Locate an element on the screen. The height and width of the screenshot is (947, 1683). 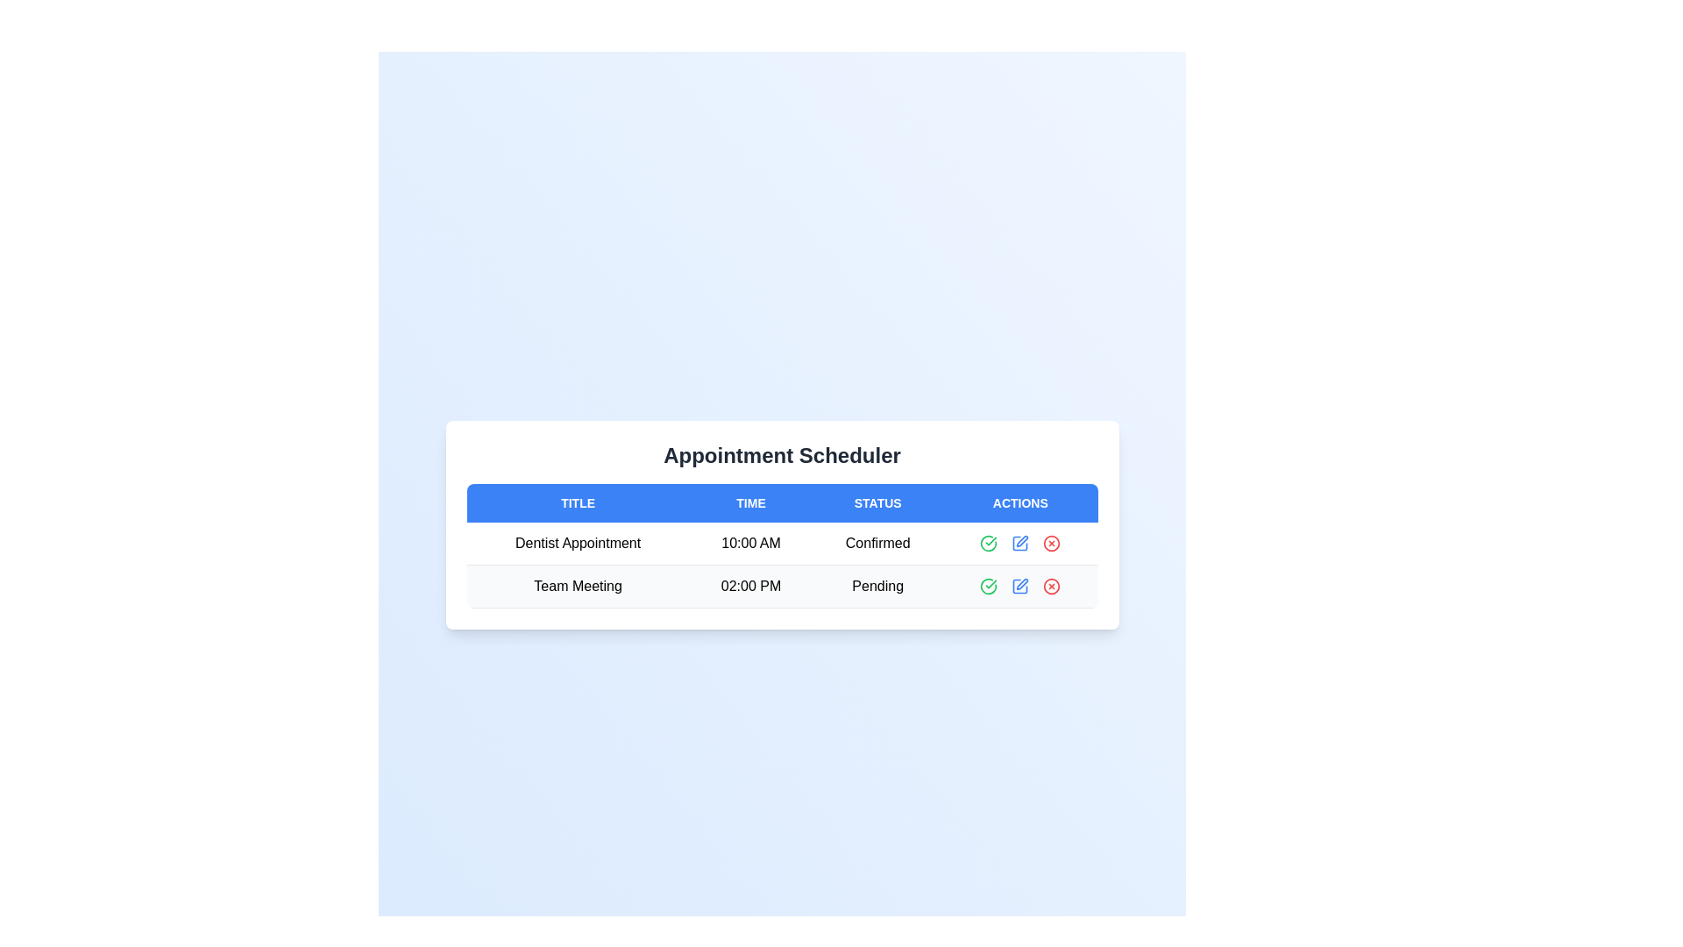
a row is located at coordinates (781, 523).